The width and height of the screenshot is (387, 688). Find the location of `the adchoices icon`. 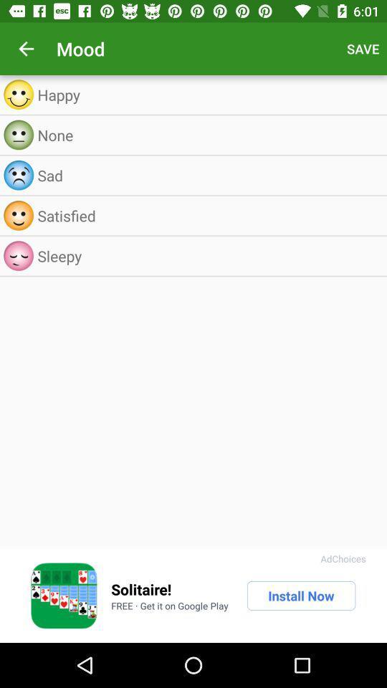

the adchoices icon is located at coordinates (343, 558).